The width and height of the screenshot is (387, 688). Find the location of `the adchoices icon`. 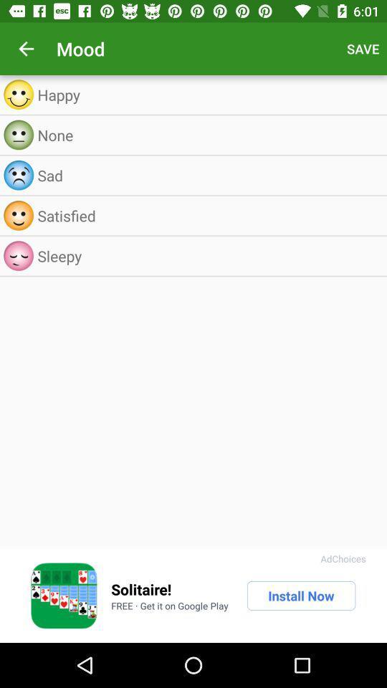

the adchoices icon is located at coordinates (343, 558).